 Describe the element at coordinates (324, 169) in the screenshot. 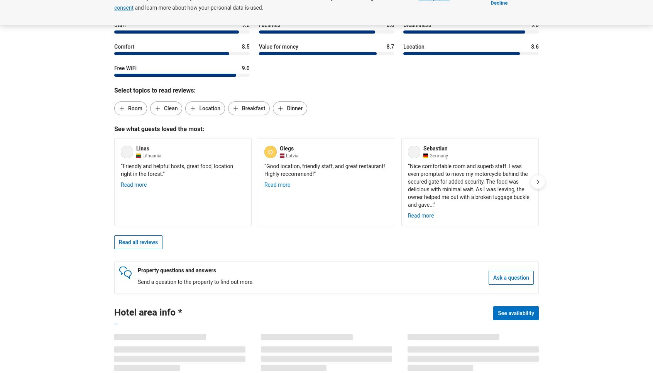

I see `'Good location, friendly staff, and great restaurant! Highly reccommend!'` at that location.